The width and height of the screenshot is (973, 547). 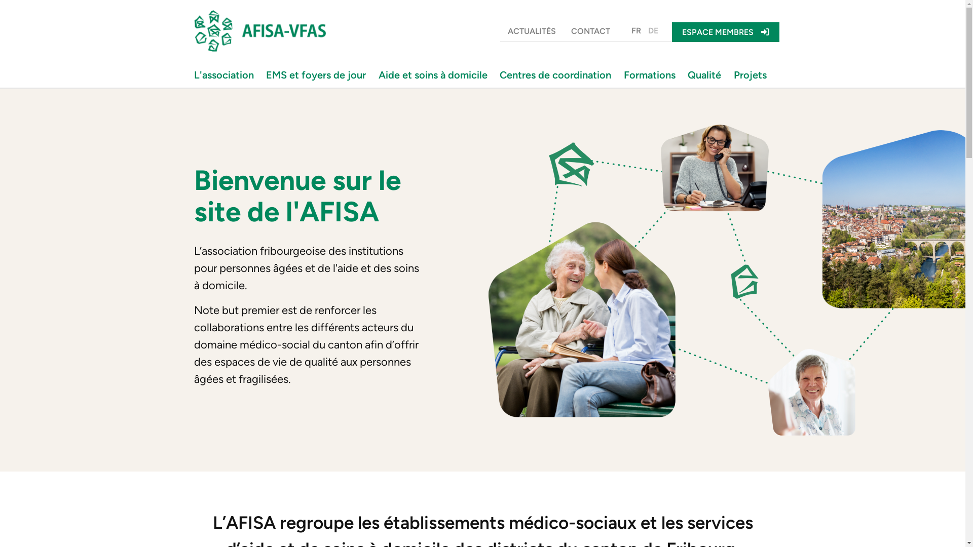 I want to click on 'Projets', so click(x=752, y=74).